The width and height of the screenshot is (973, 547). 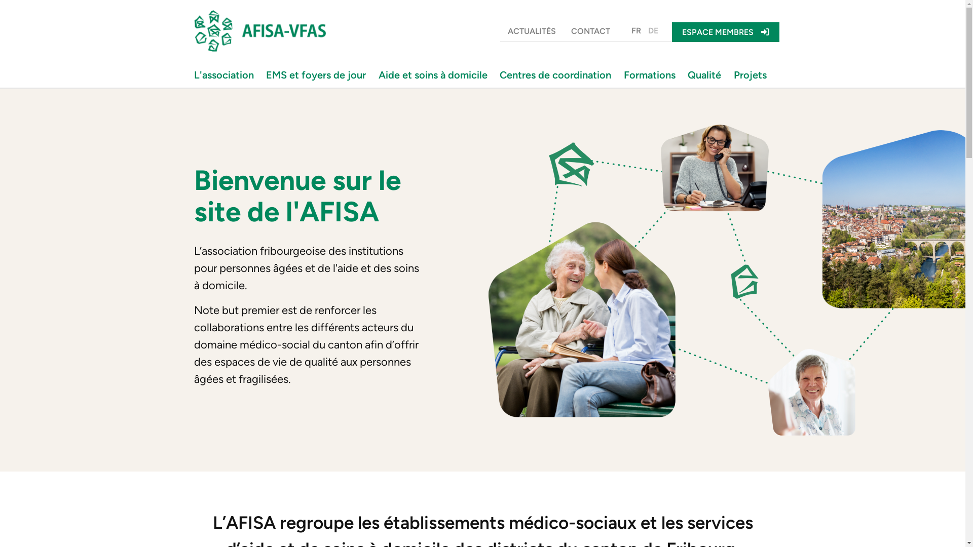 I want to click on 'Projets', so click(x=752, y=74).